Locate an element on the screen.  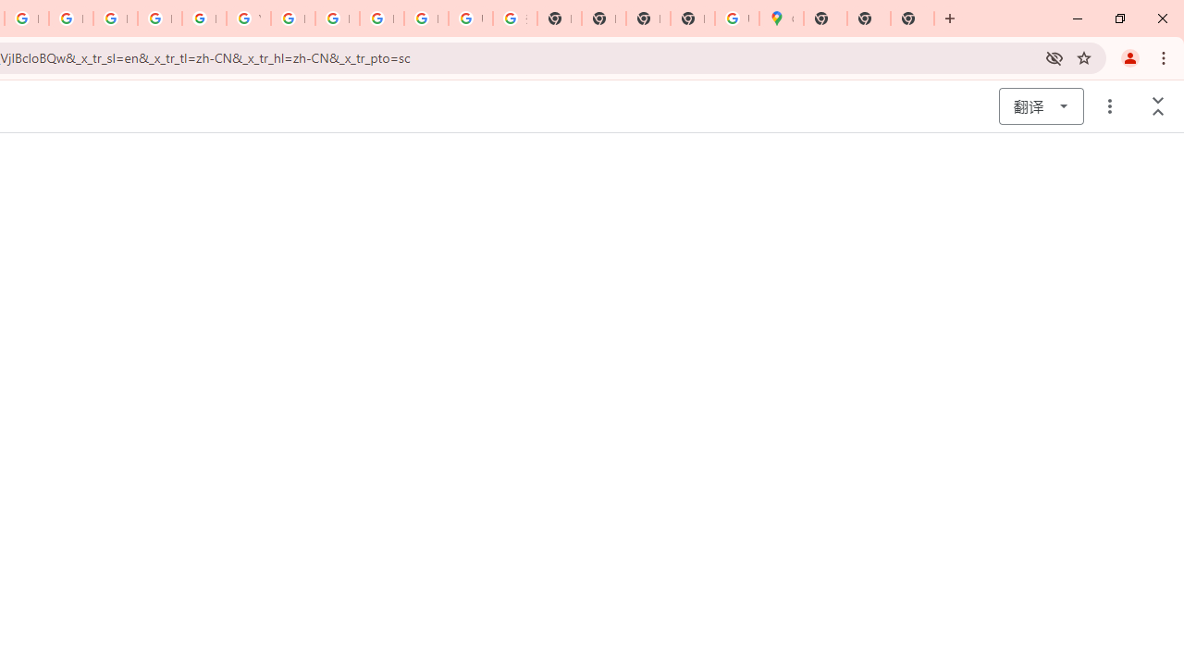
'Google Maps' is located at coordinates (781, 18).